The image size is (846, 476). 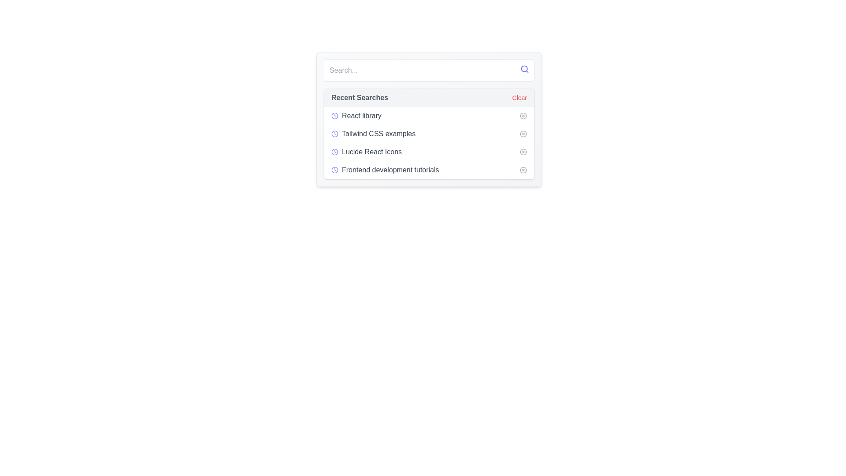 What do you see at coordinates (429, 170) in the screenshot?
I see `the fourth list item displaying 'Frontend development tutorials', which has a clock icon on the left and a circle-X icon on the right` at bounding box center [429, 170].